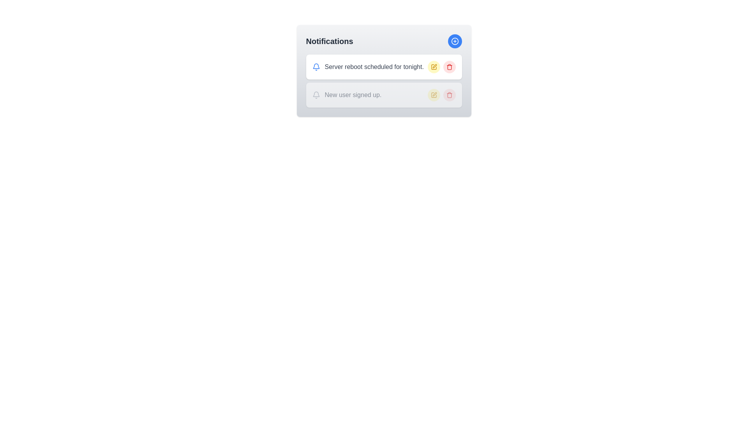 Image resolution: width=748 pixels, height=421 pixels. What do you see at coordinates (316, 65) in the screenshot?
I see `the bell-shaped notification icon located in the top-right corner of the page, which is part of the notification card's SVG representation` at bounding box center [316, 65].